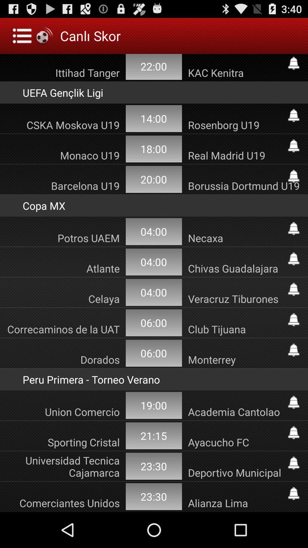  What do you see at coordinates (293, 433) in the screenshot?
I see `set alert` at bounding box center [293, 433].